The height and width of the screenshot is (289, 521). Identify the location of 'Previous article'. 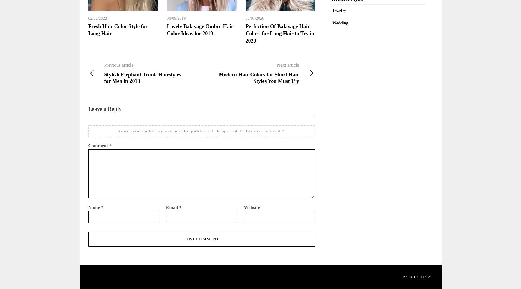
(104, 65).